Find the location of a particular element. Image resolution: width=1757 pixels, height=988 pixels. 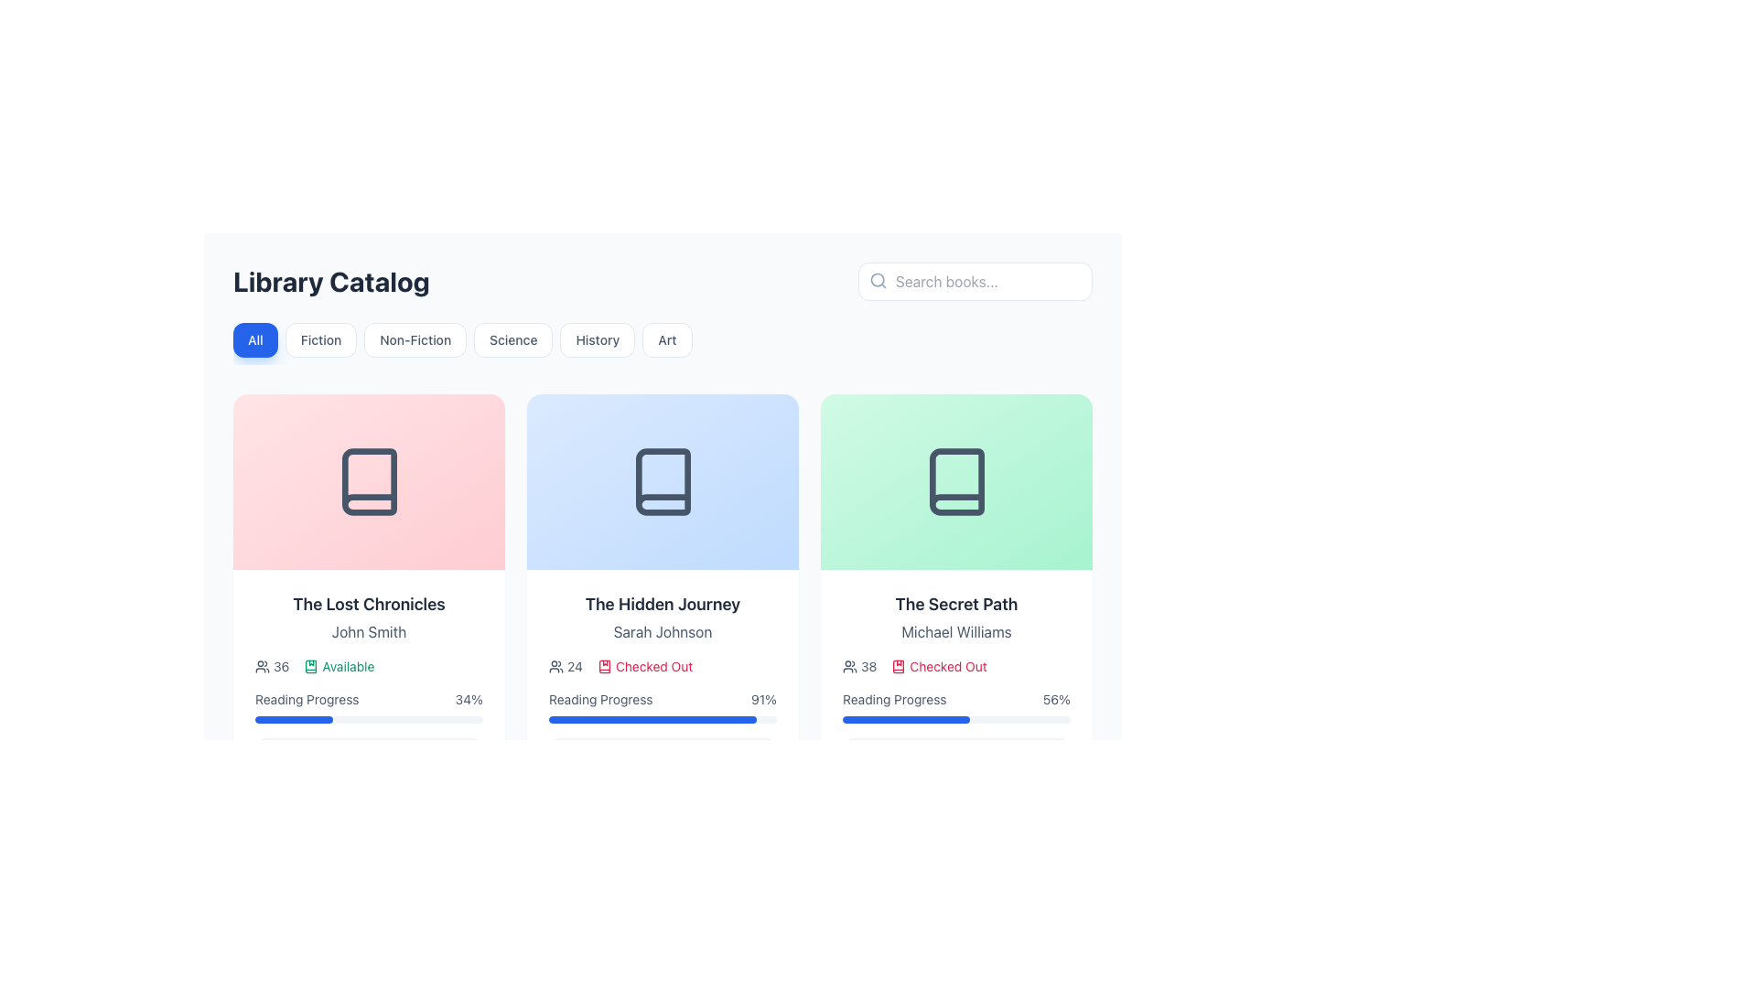

the search input field in the top-right corner of the 'Library Catalog' section is located at coordinates (974, 282).